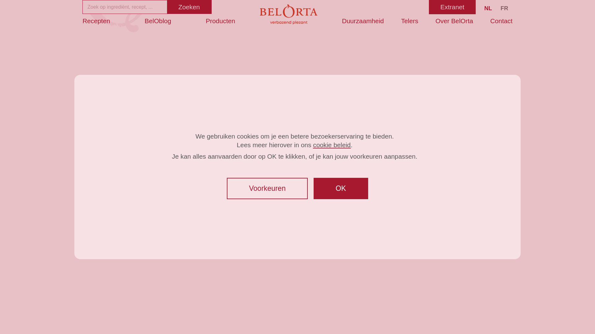 The height and width of the screenshot is (334, 595). I want to click on 'FR', so click(504, 8).